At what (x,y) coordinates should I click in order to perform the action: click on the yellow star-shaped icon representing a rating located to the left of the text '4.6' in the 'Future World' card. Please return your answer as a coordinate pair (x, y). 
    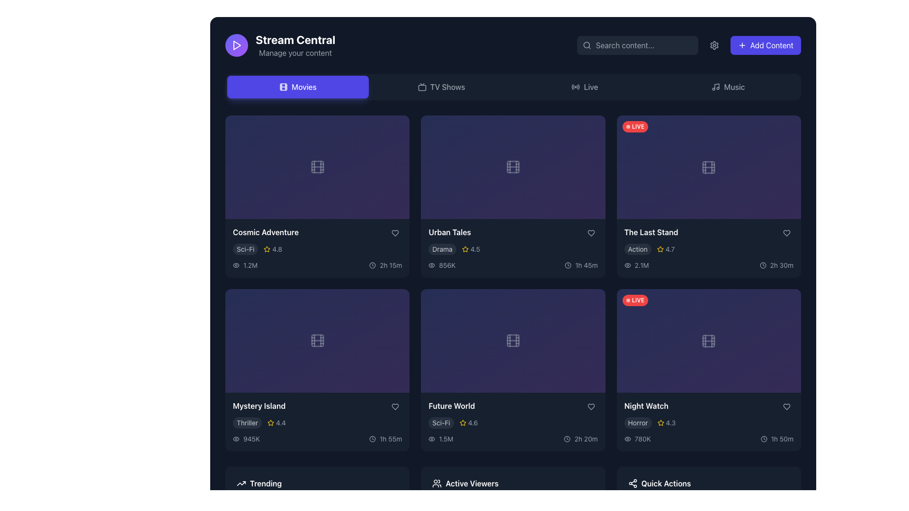
    Looking at the image, I should click on (463, 423).